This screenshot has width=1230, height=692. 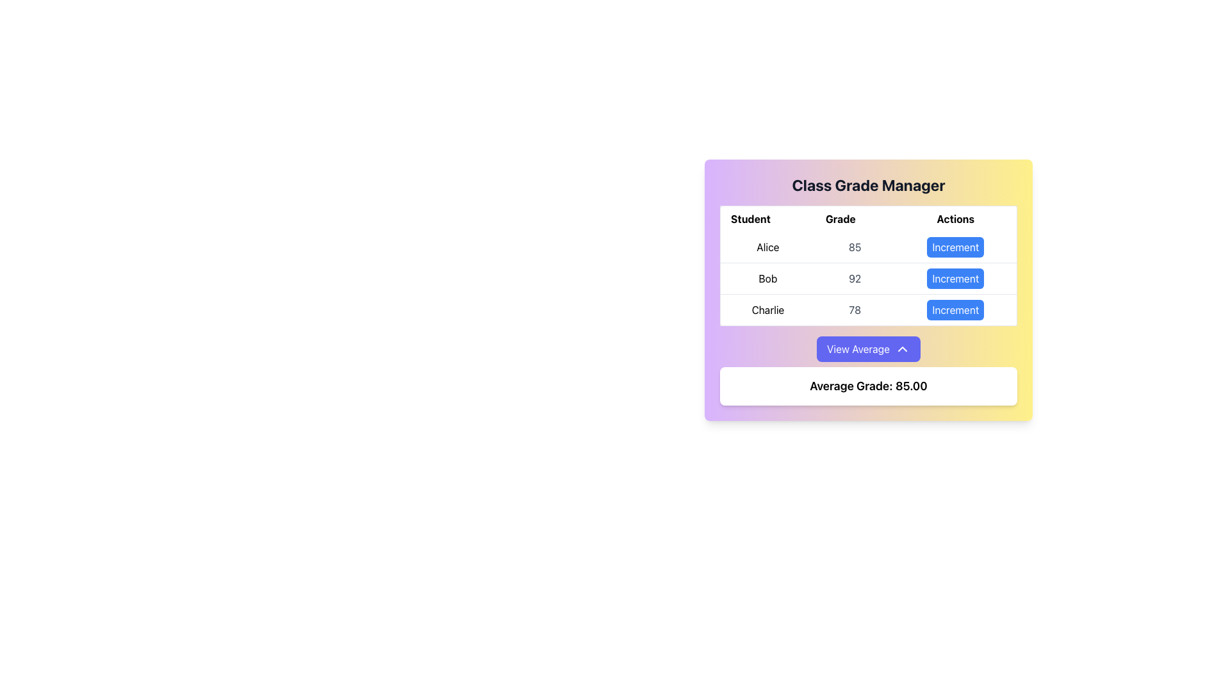 I want to click on the increment button for Charlie's grade located in the 'Actions' column of the table row, so click(x=956, y=309).